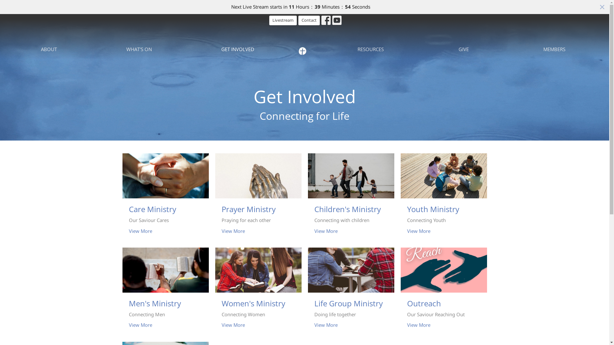  What do you see at coordinates (237, 49) in the screenshot?
I see `'GET INVOLVED'` at bounding box center [237, 49].